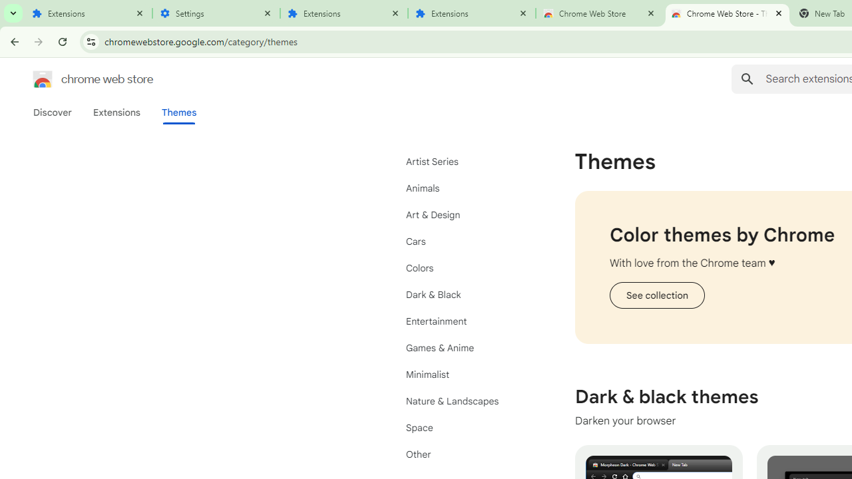 This screenshot has height=479, width=852. What do you see at coordinates (178, 112) in the screenshot?
I see `'Themes'` at bounding box center [178, 112].